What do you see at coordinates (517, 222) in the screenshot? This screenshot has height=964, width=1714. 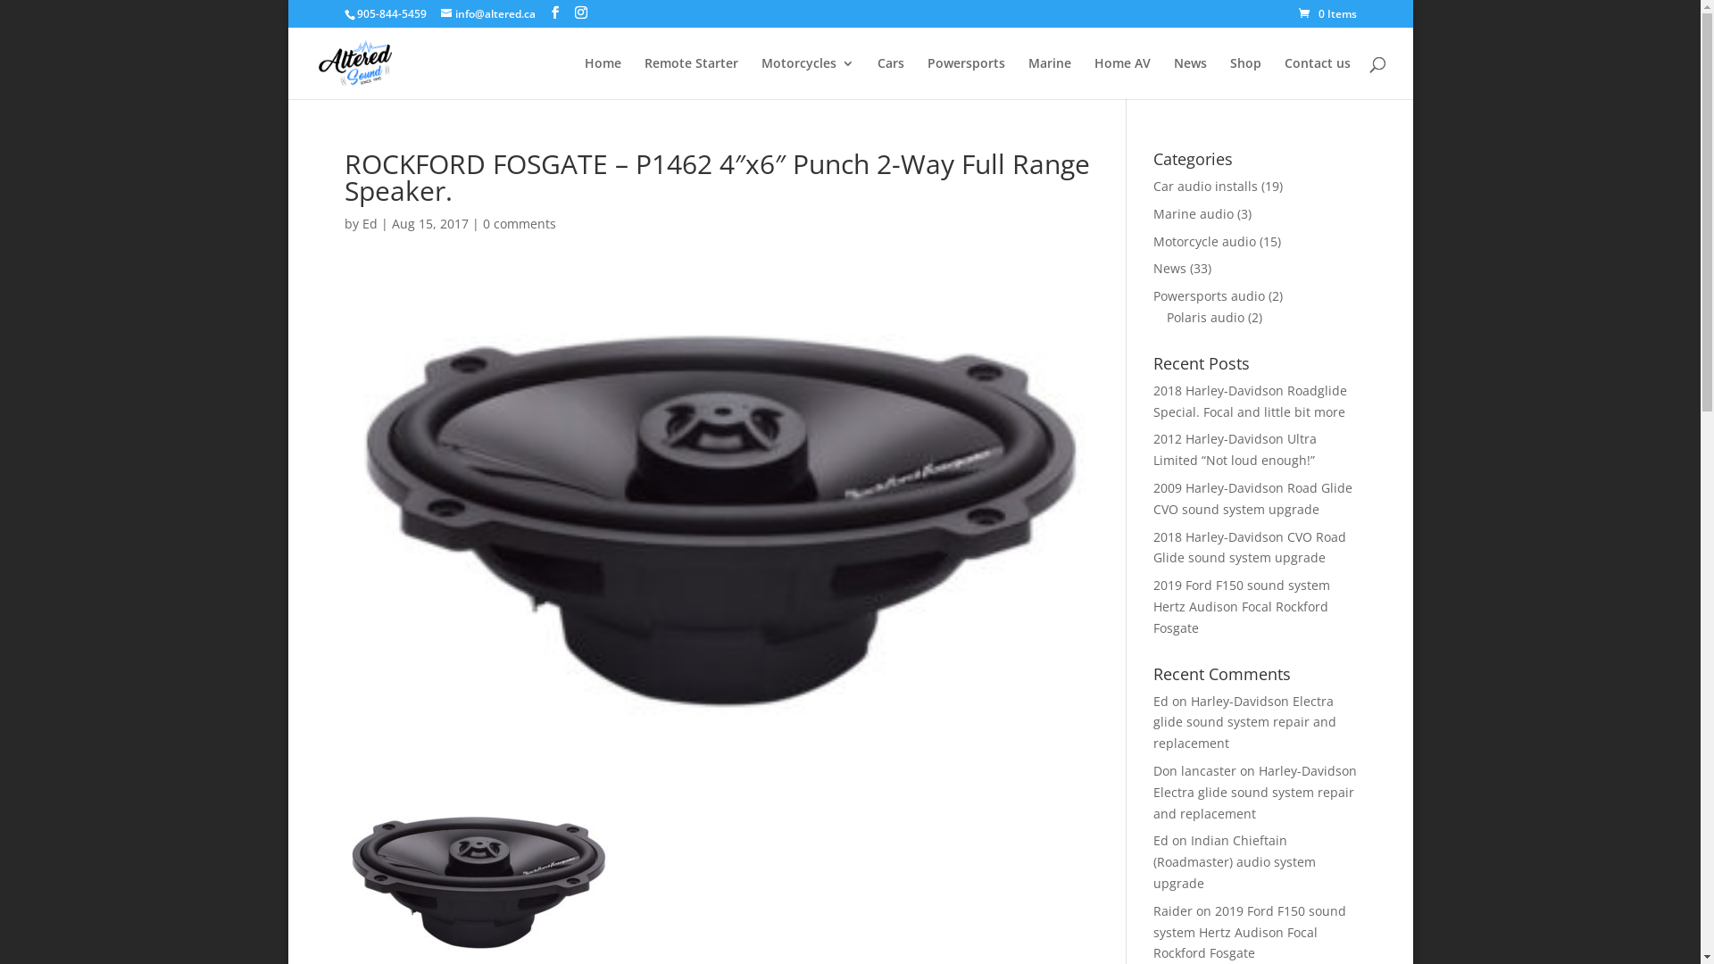 I see `'0 comments'` at bounding box center [517, 222].